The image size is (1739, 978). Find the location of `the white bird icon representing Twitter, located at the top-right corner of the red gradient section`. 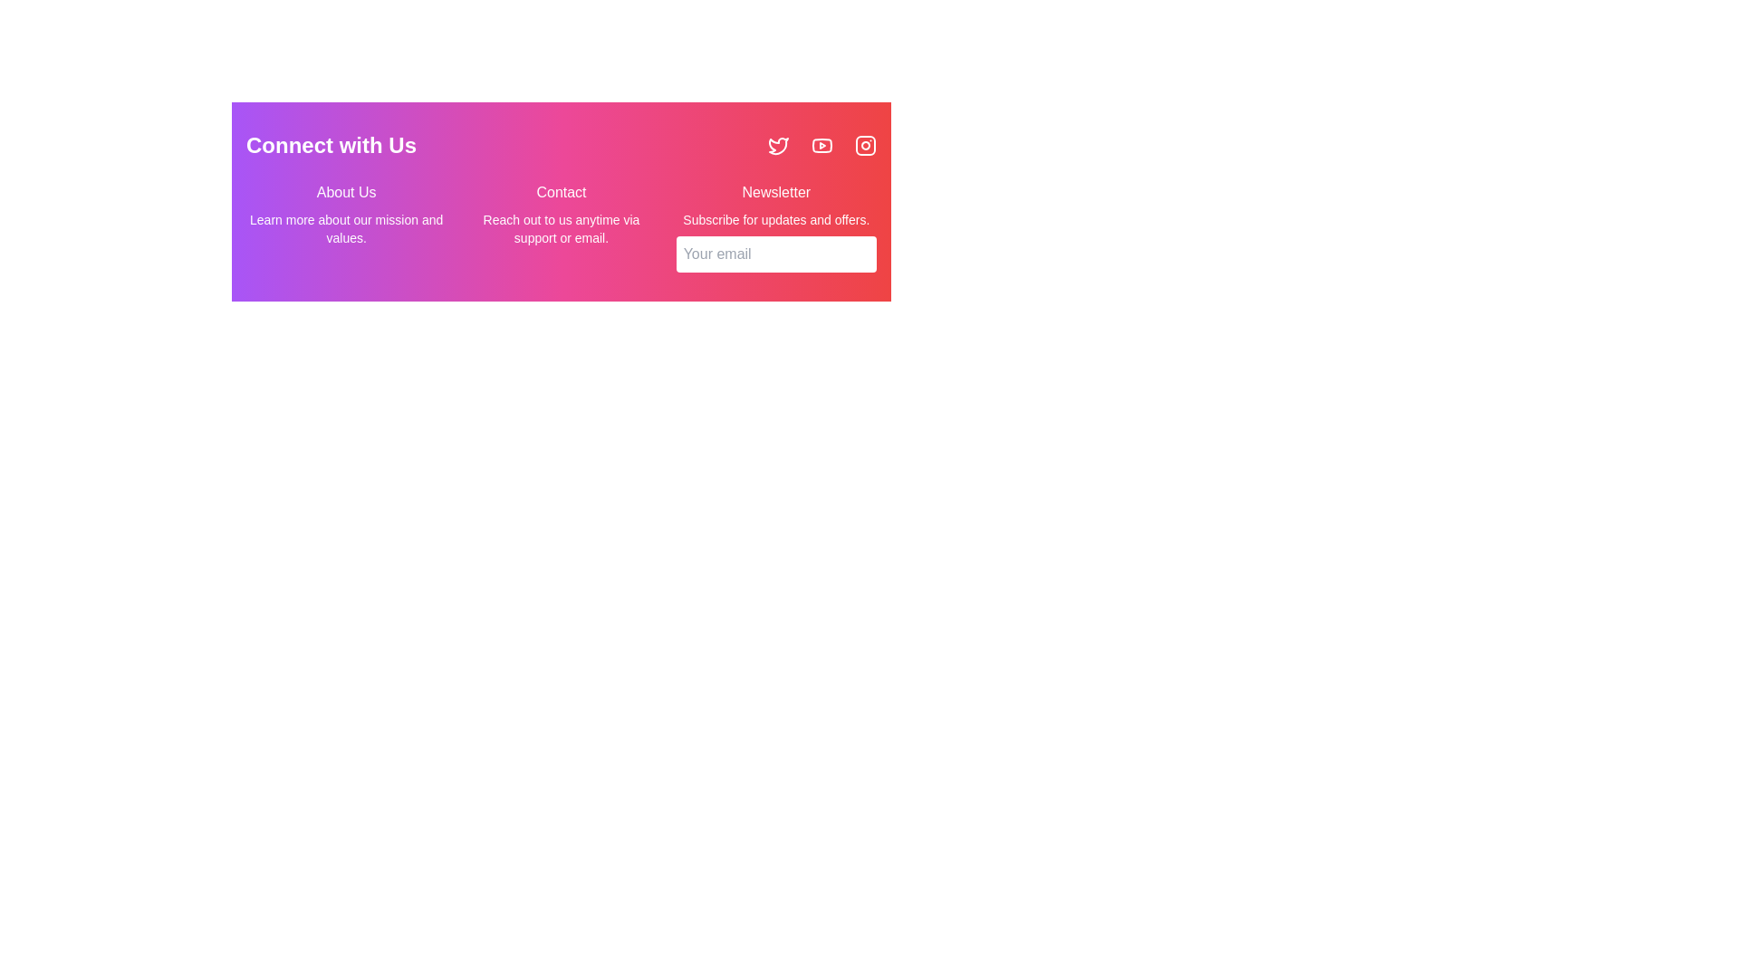

the white bird icon representing Twitter, located at the top-right corner of the red gradient section is located at coordinates (778, 145).